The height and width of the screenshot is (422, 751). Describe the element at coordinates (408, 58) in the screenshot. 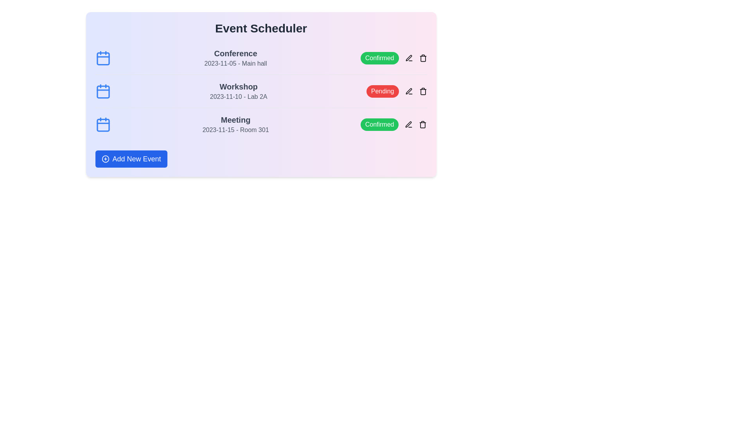

I see `the edit pen icon for the 'Conference' event located next to the green 'Confirmed' button and to the left of the trash bin icon in the 'Event Scheduler' section` at that location.